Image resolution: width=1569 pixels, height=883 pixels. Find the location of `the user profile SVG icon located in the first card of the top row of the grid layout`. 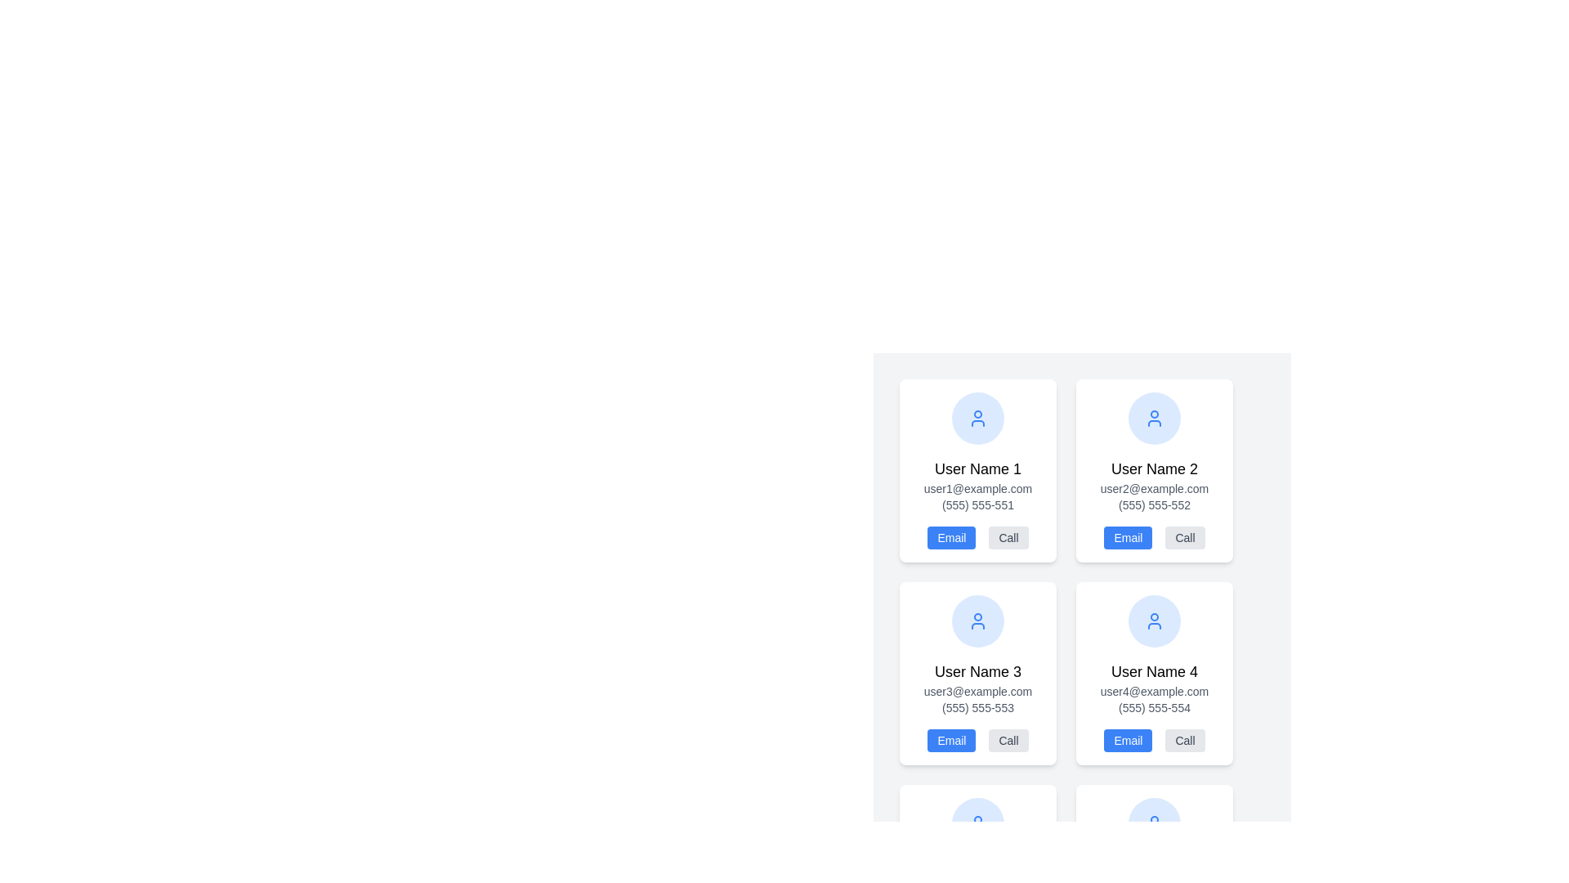

the user profile SVG icon located in the first card of the top row of the grid layout is located at coordinates (1153, 418).